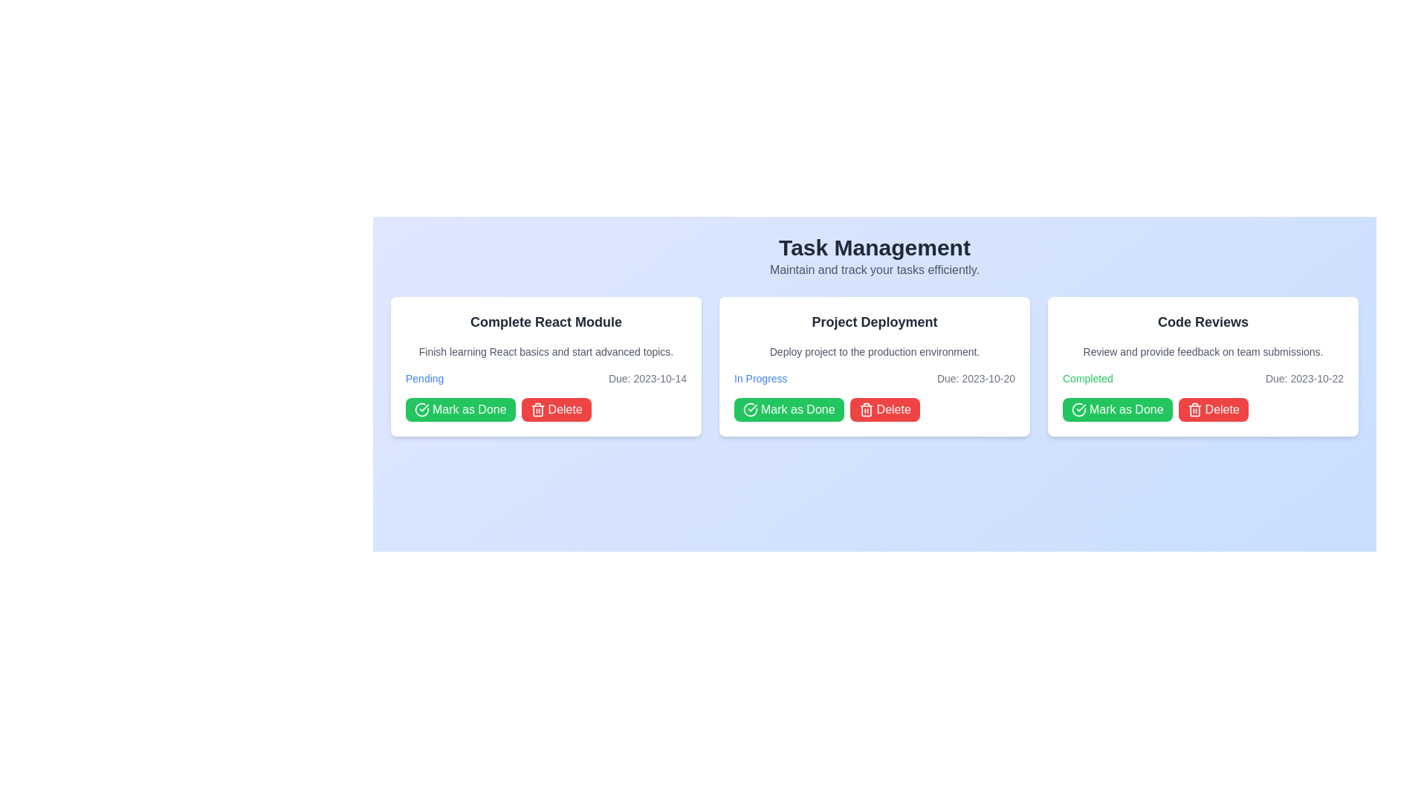 The height and width of the screenshot is (802, 1427). What do you see at coordinates (1222, 409) in the screenshot?
I see `the 'Delete' text label within the button` at bounding box center [1222, 409].